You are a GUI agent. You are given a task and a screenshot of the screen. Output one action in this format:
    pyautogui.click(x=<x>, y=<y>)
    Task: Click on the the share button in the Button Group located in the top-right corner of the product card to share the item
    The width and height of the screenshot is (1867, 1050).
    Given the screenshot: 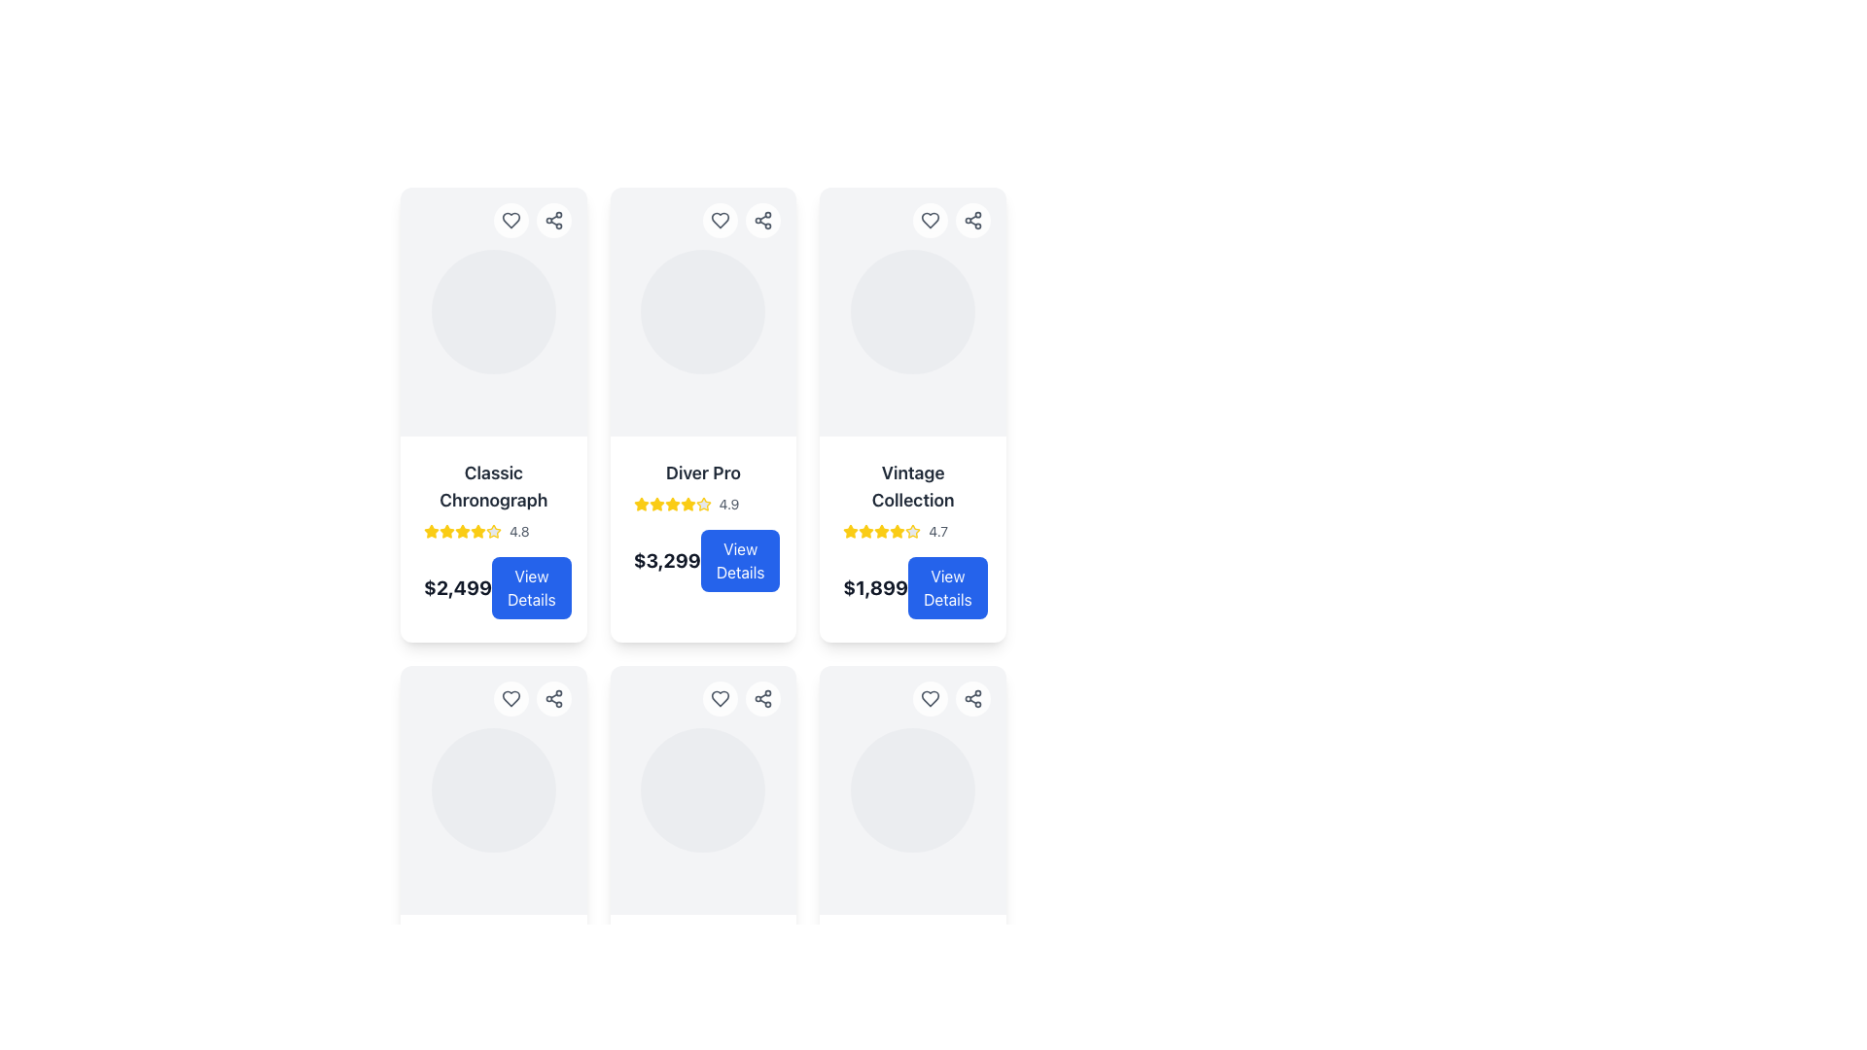 What is the action you would take?
    pyautogui.click(x=532, y=220)
    